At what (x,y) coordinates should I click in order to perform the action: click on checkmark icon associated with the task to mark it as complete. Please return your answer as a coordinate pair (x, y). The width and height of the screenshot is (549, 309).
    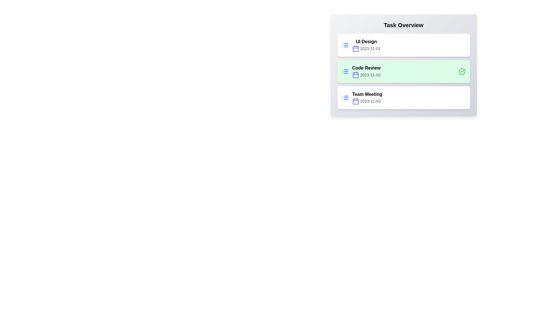
    Looking at the image, I should click on (462, 71).